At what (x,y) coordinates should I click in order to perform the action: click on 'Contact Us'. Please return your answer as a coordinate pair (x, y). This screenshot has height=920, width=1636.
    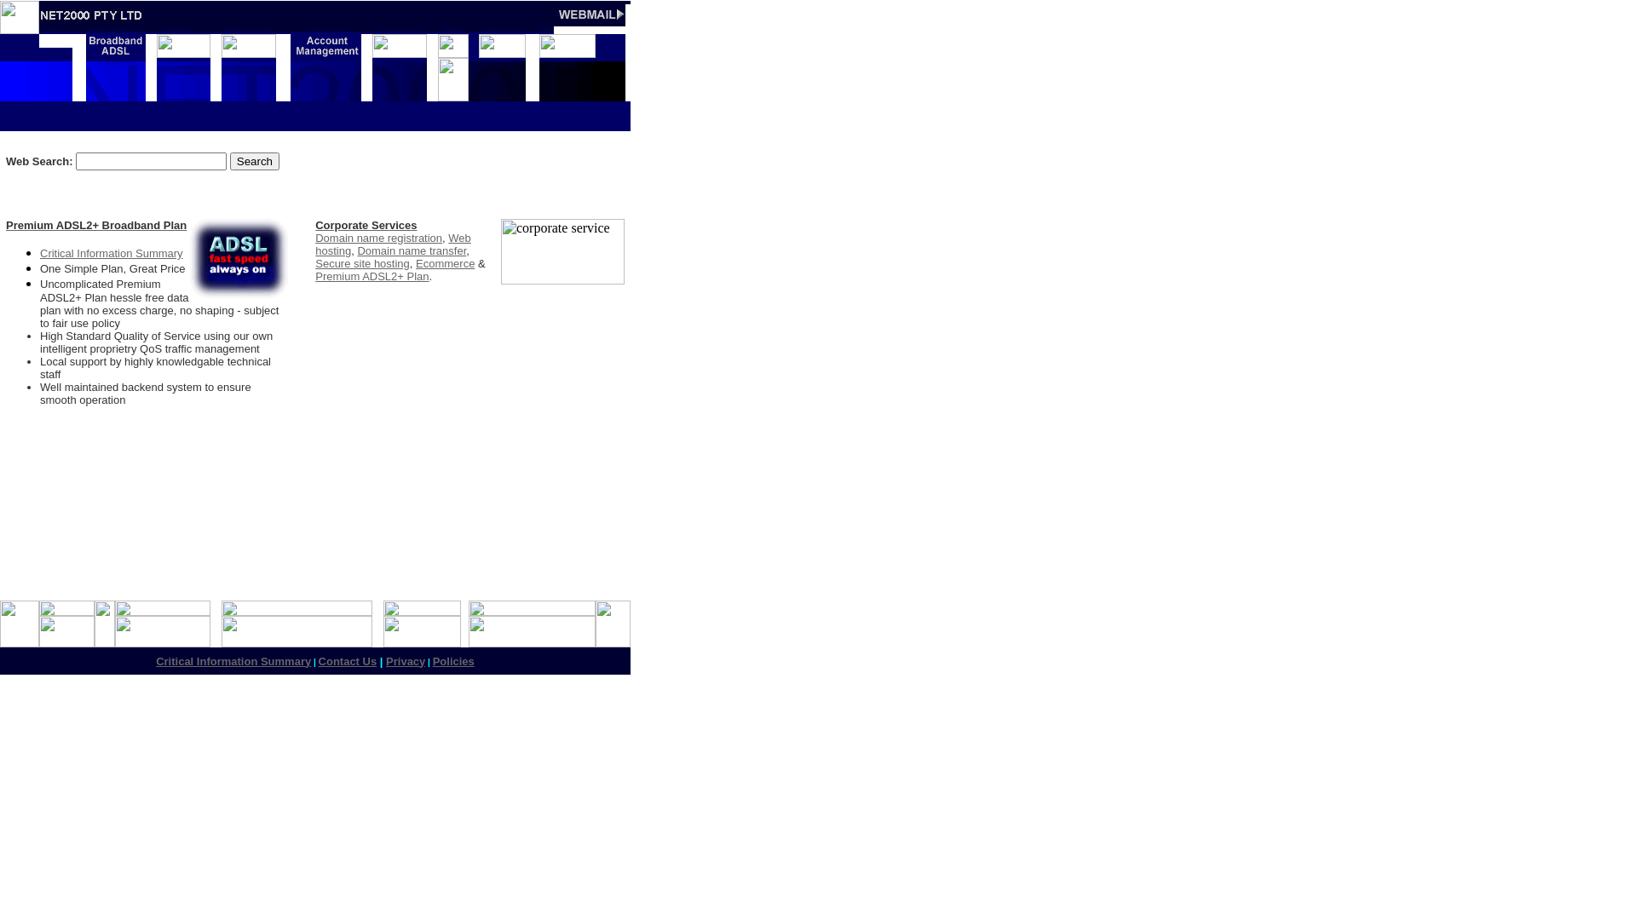
    Looking at the image, I should click on (347, 661).